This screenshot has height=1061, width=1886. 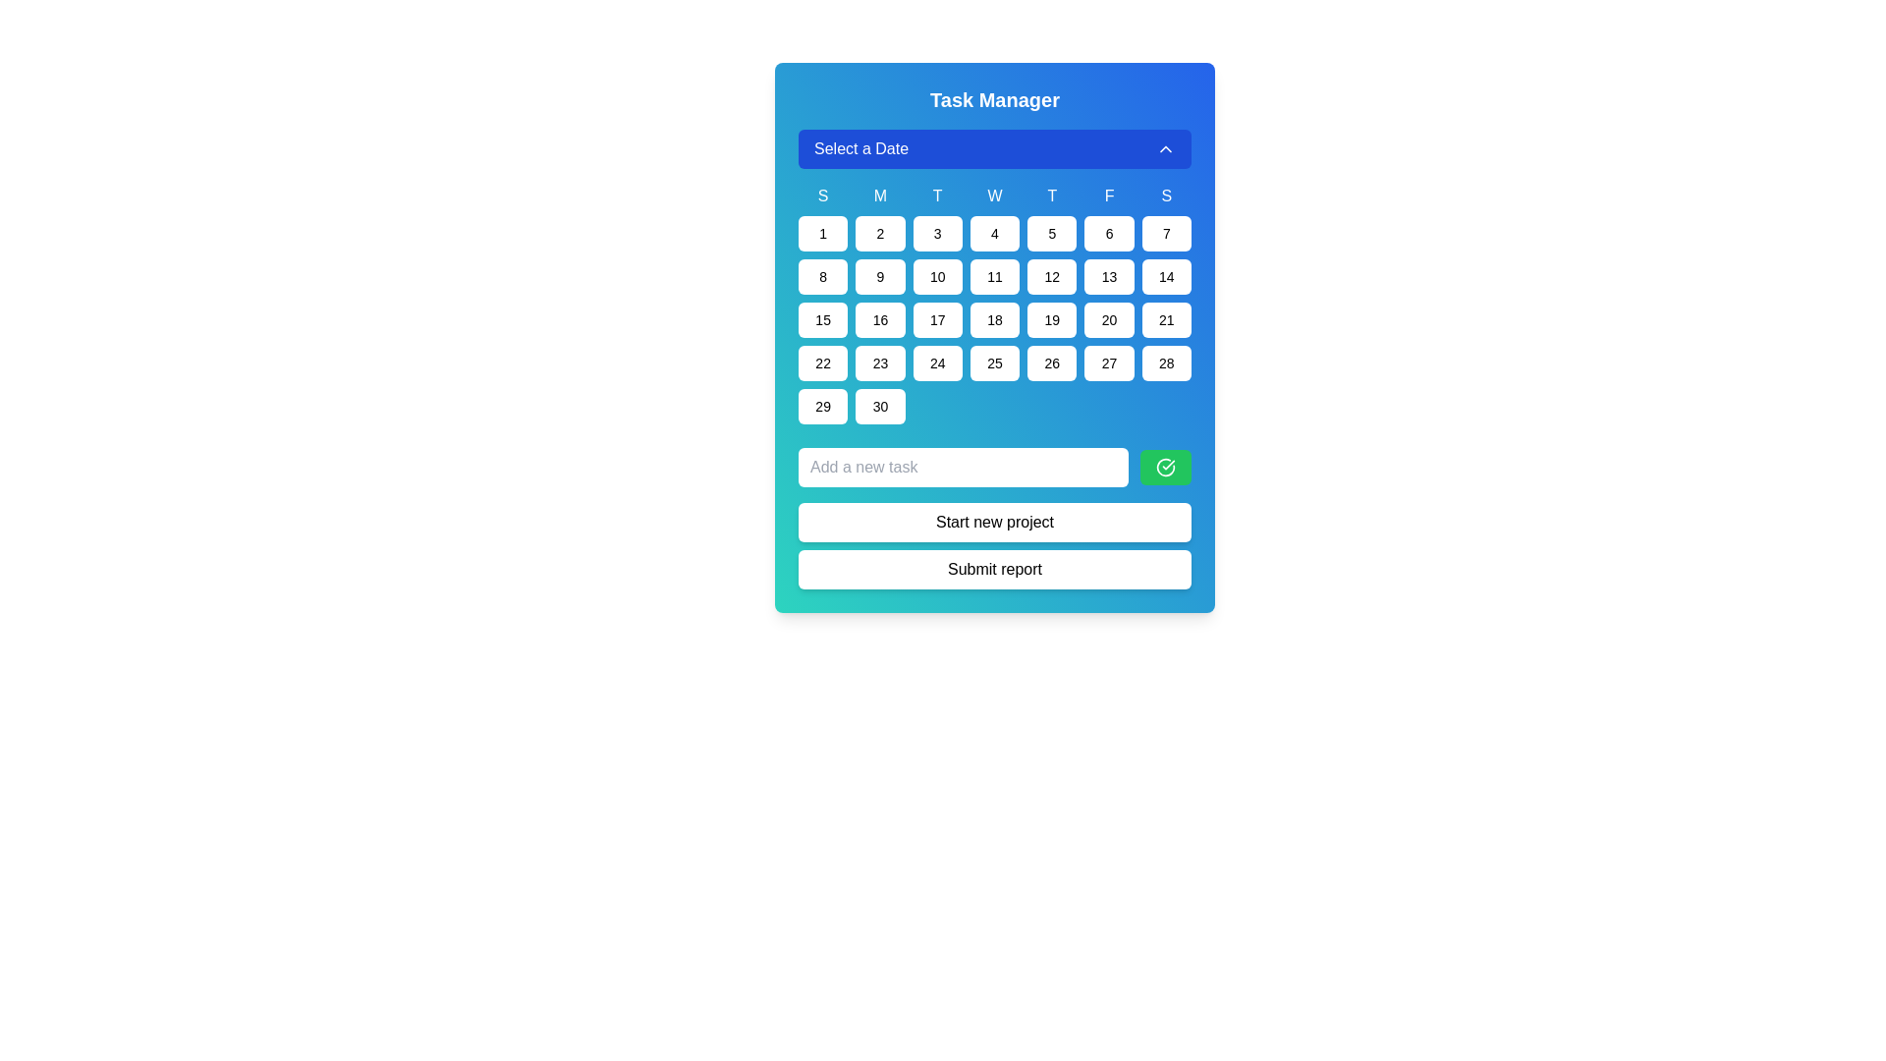 What do you see at coordinates (861, 147) in the screenshot?
I see `the 'Select a Date' text label which is centered within a blue background button located at the top of the 'Task Manager' interface` at bounding box center [861, 147].